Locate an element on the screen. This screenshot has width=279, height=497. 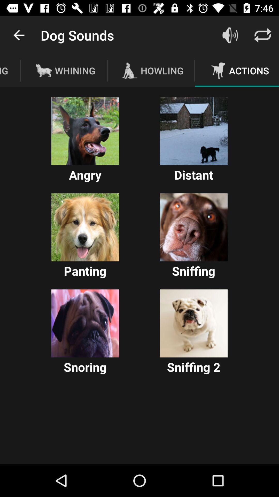
the icon above actions is located at coordinates (263, 35).